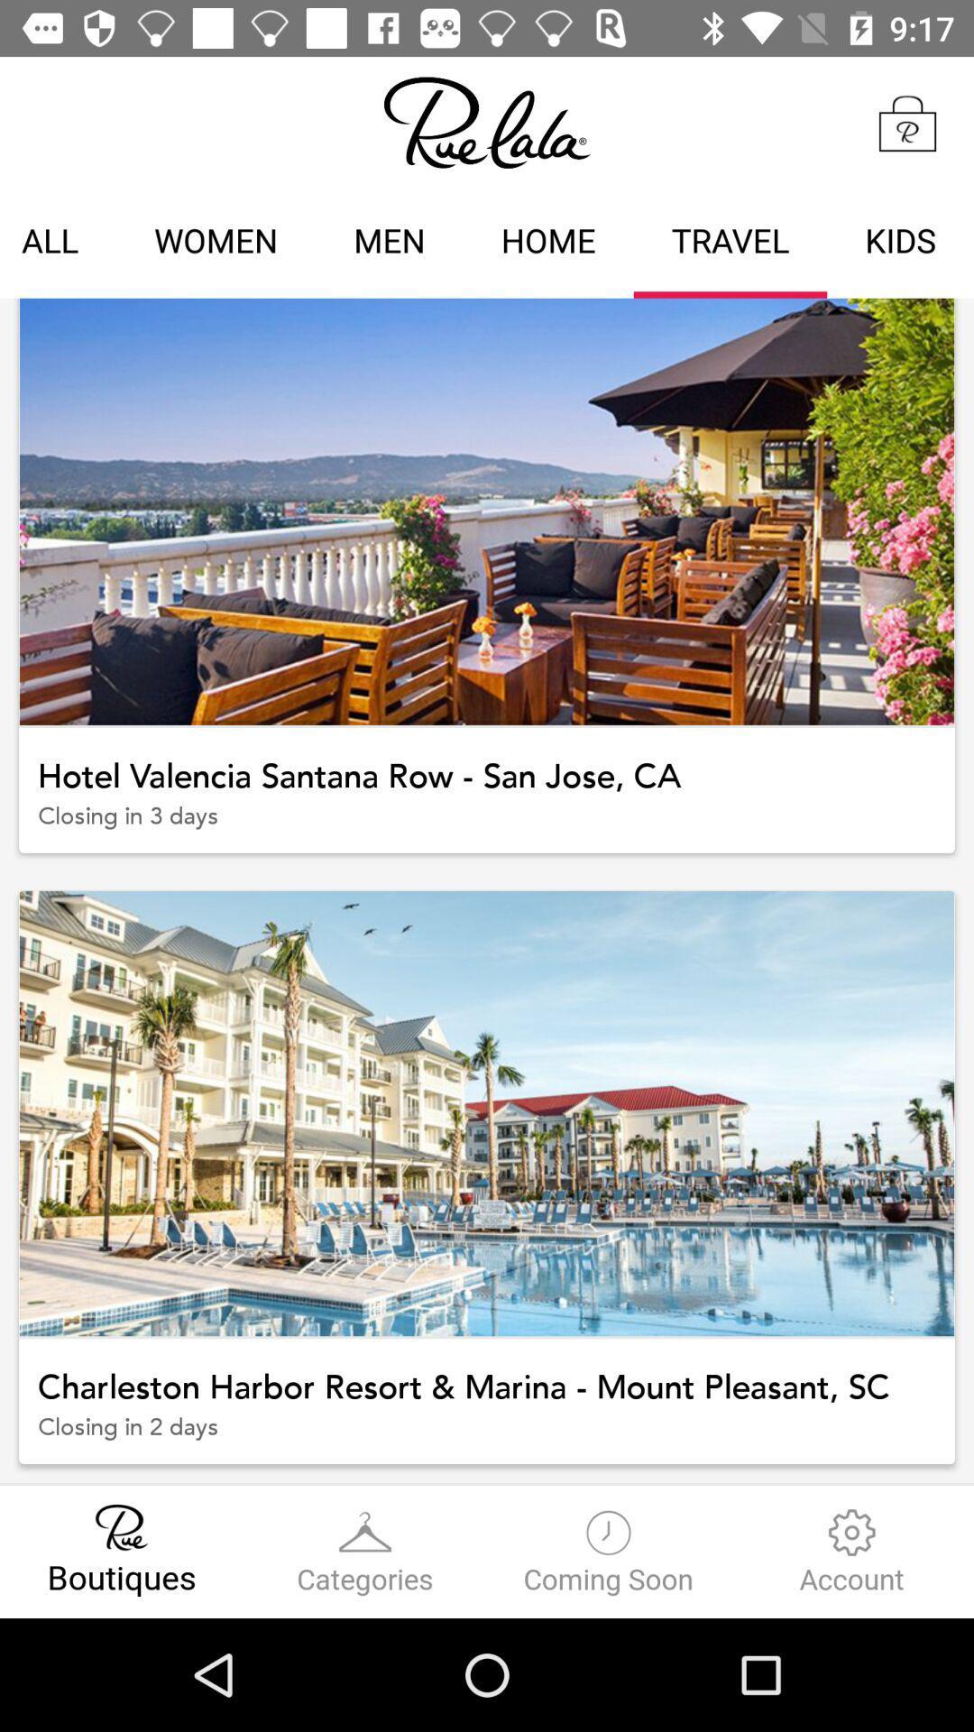 The height and width of the screenshot is (1732, 974). Describe the element at coordinates (215, 243) in the screenshot. I see `the icon to the right of all` at that location.